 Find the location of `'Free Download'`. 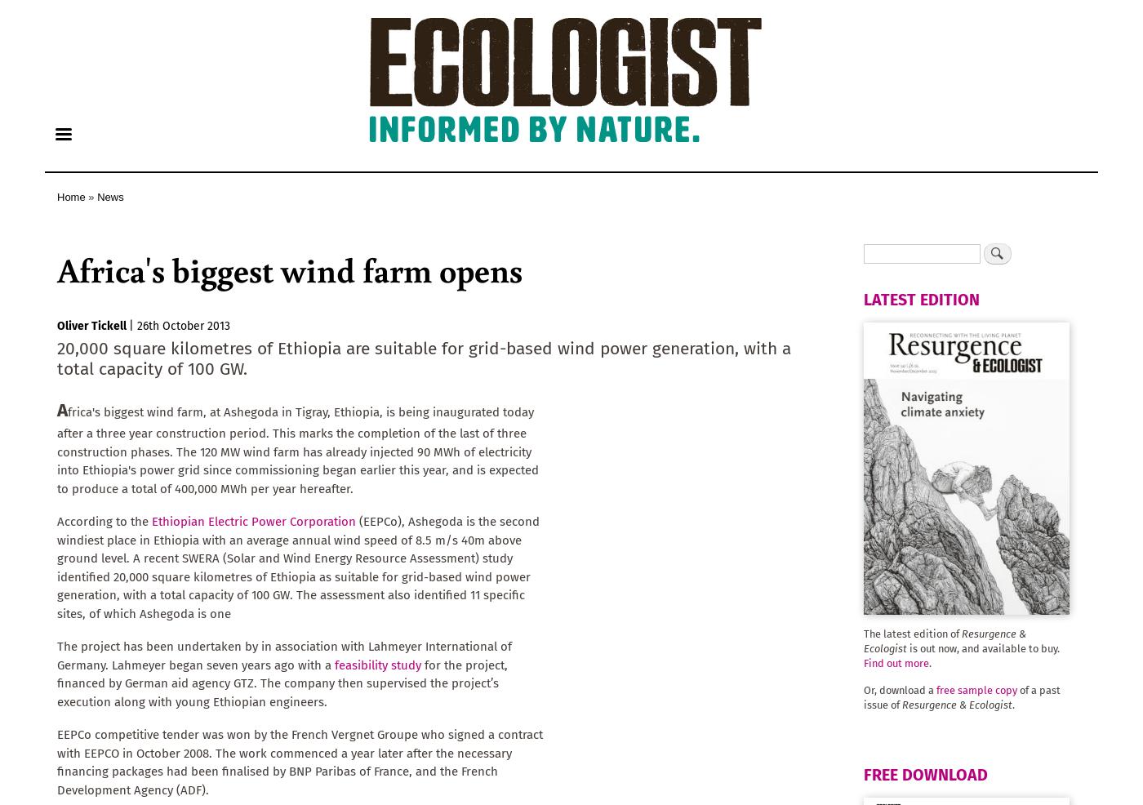

'Free Download' is located at coordinates (863, 775).